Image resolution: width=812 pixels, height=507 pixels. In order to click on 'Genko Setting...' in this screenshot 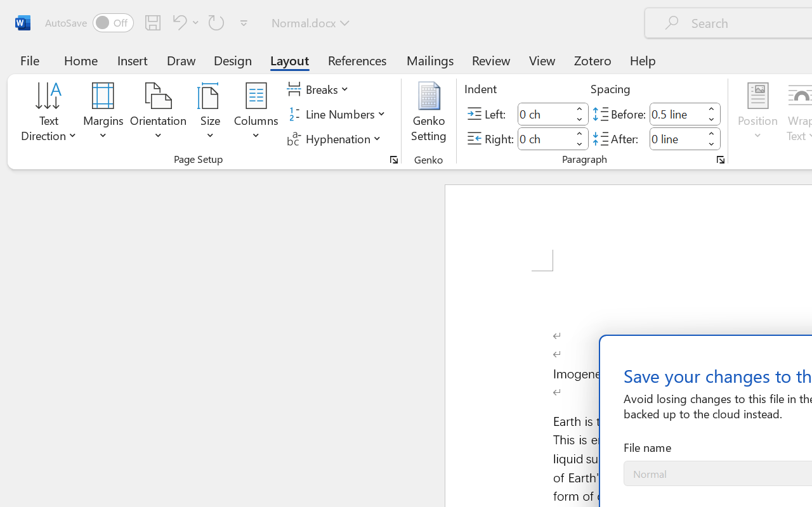, I will do `click(429, 113)`.